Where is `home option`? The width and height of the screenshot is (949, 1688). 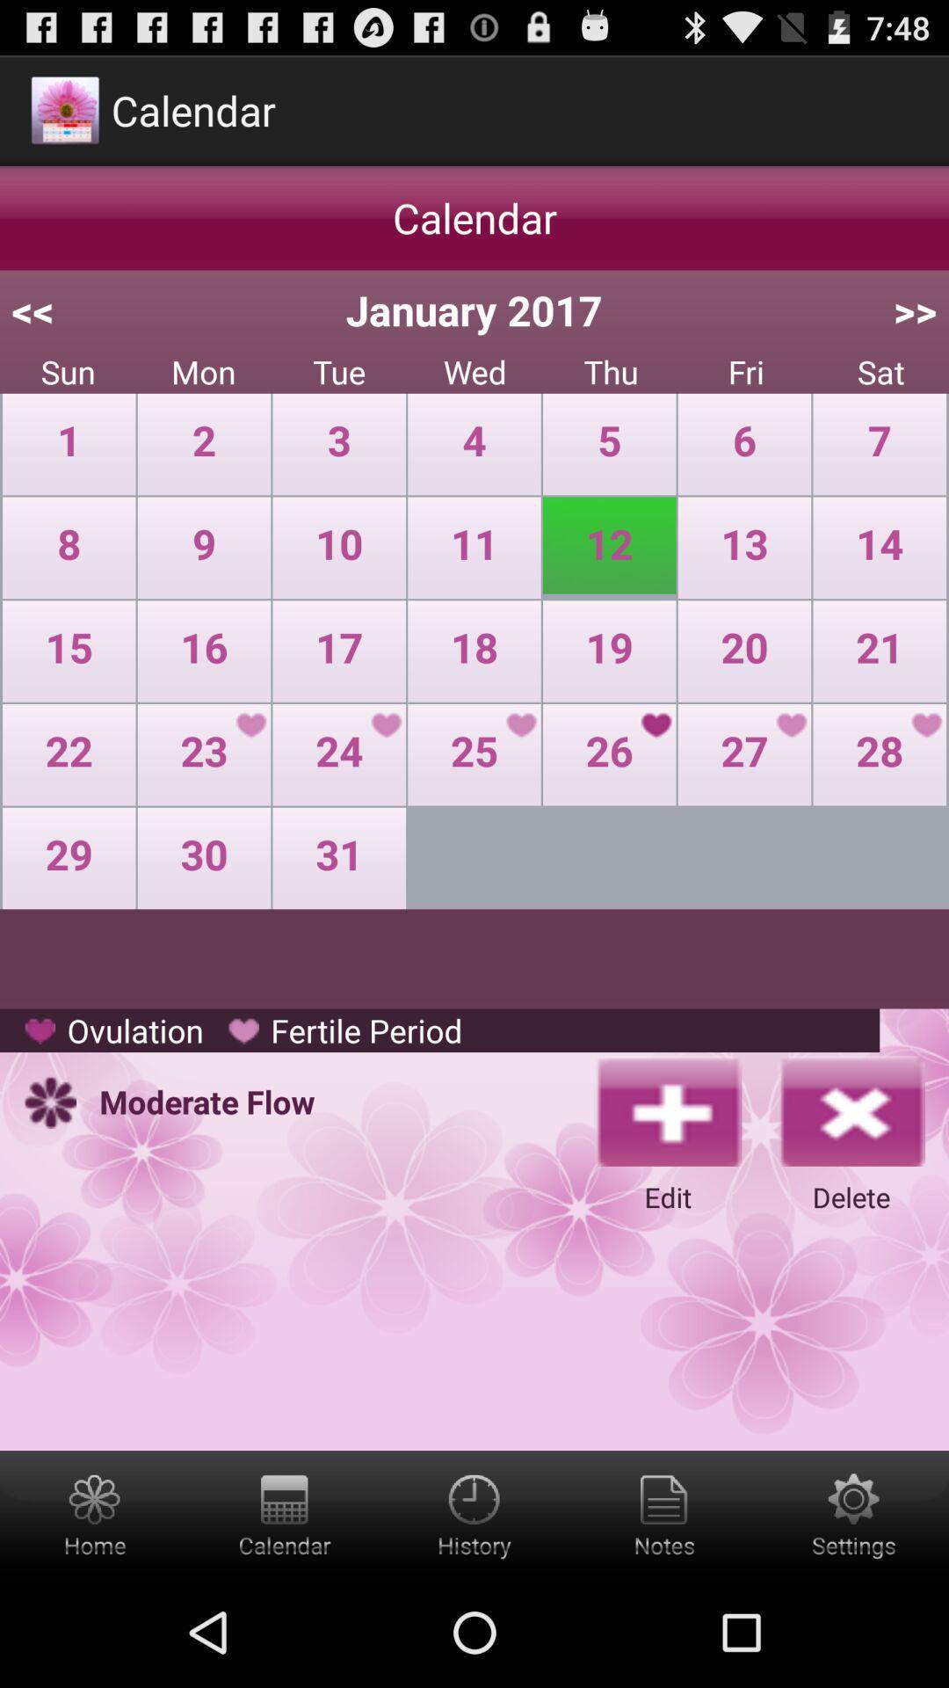 home option is located at coordinates (95, 1513).